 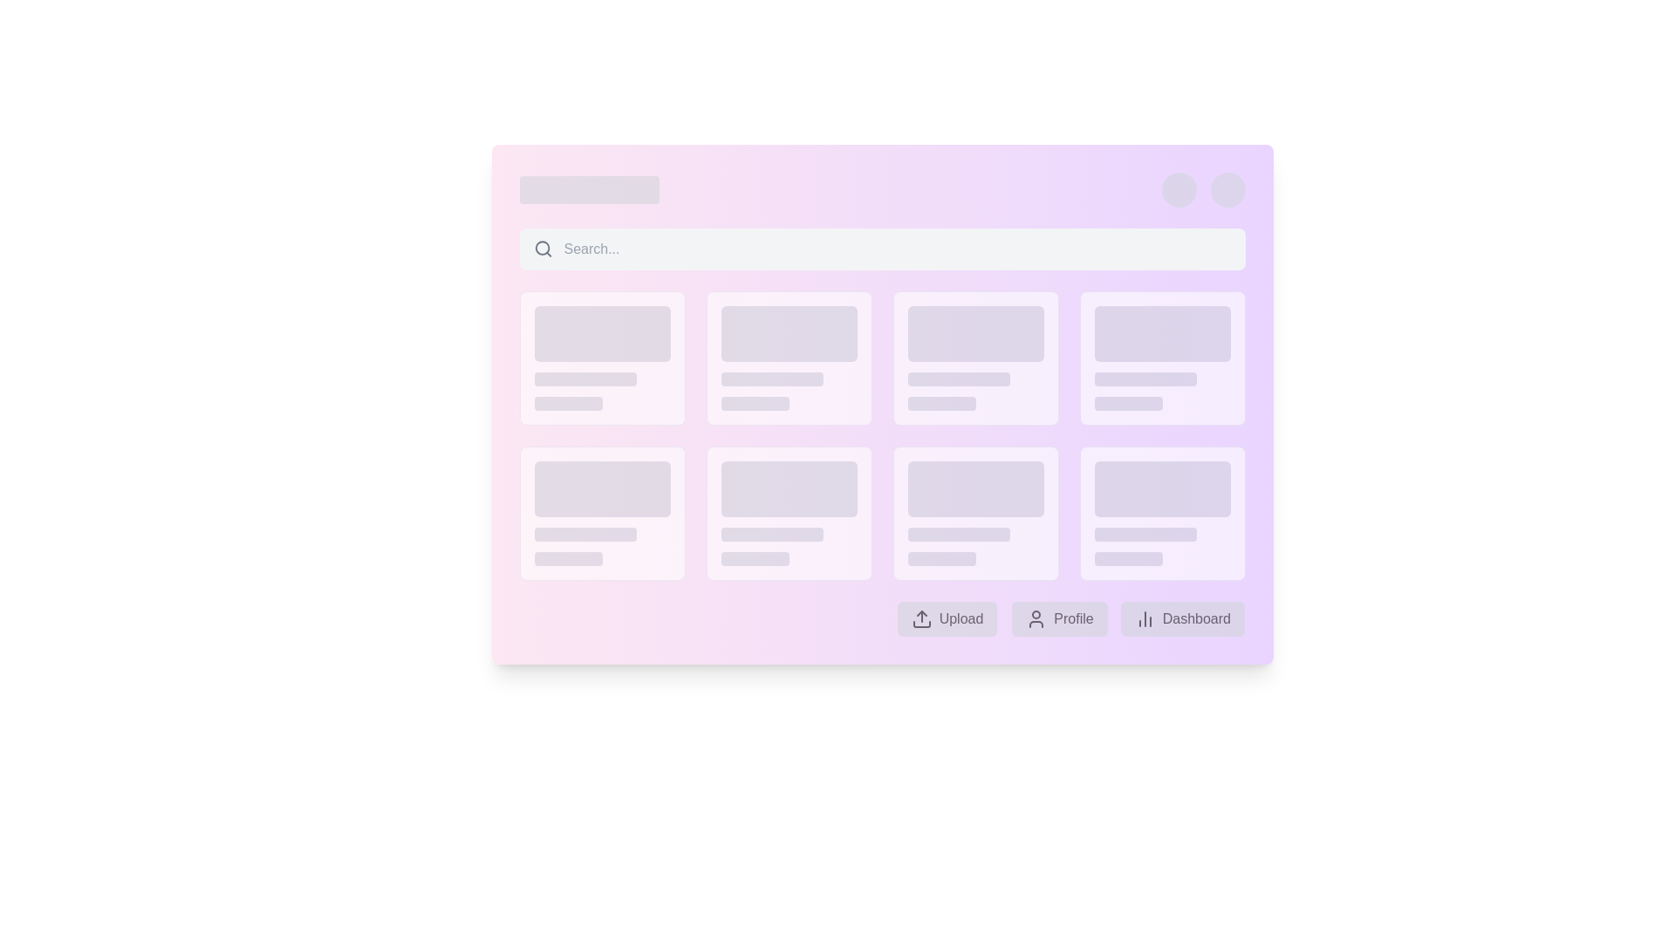 I want to click on the second card placeholder in the top row of the grid layout, so click(x=788, y=358).